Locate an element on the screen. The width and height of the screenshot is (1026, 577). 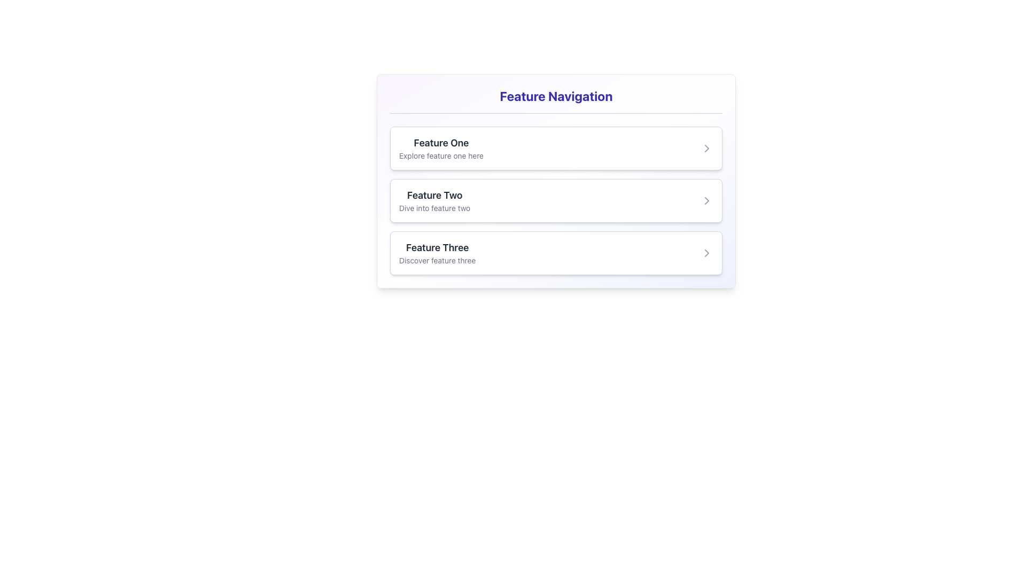
the text label displaying 'Dive into feature two', which is styled in a smaller gray font and positioned beneath the larger text label 'Feature Two' is located at coordinates (434, 208).